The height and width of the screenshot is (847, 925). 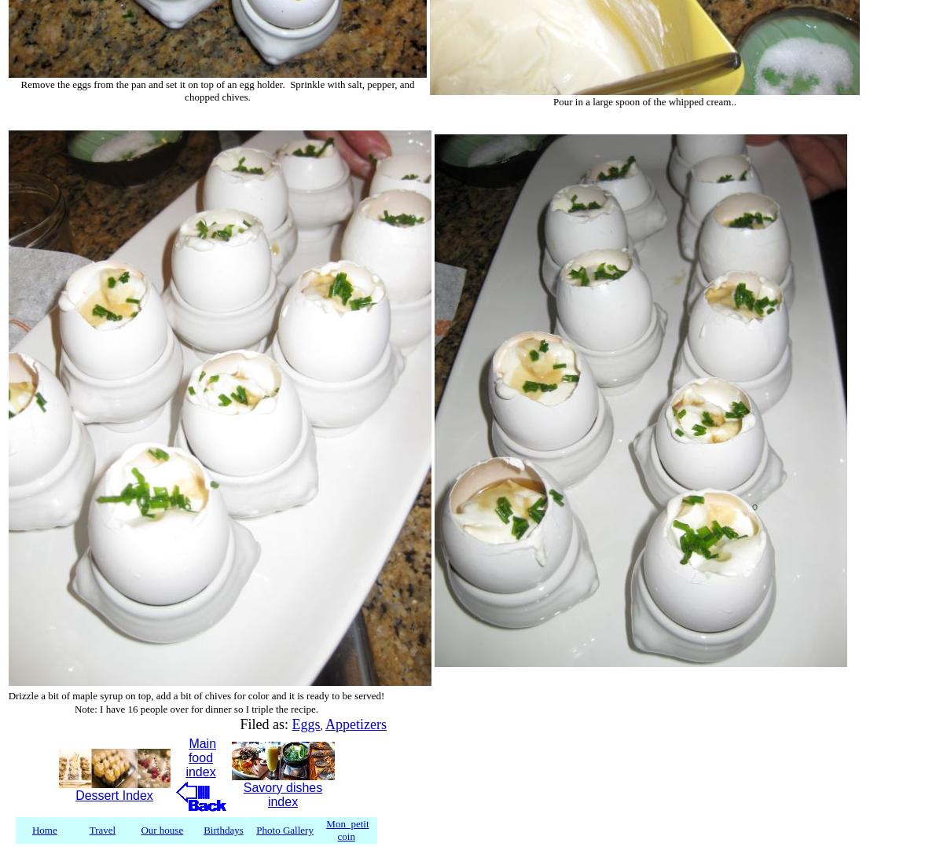 What do you see at coordinates (195, 695) in the screenshot?
I see `'Drizzle a bit of maple syrup on top, add a 
bit of chives for color and it is ready to be served!'` at bounding box center [195, 695].